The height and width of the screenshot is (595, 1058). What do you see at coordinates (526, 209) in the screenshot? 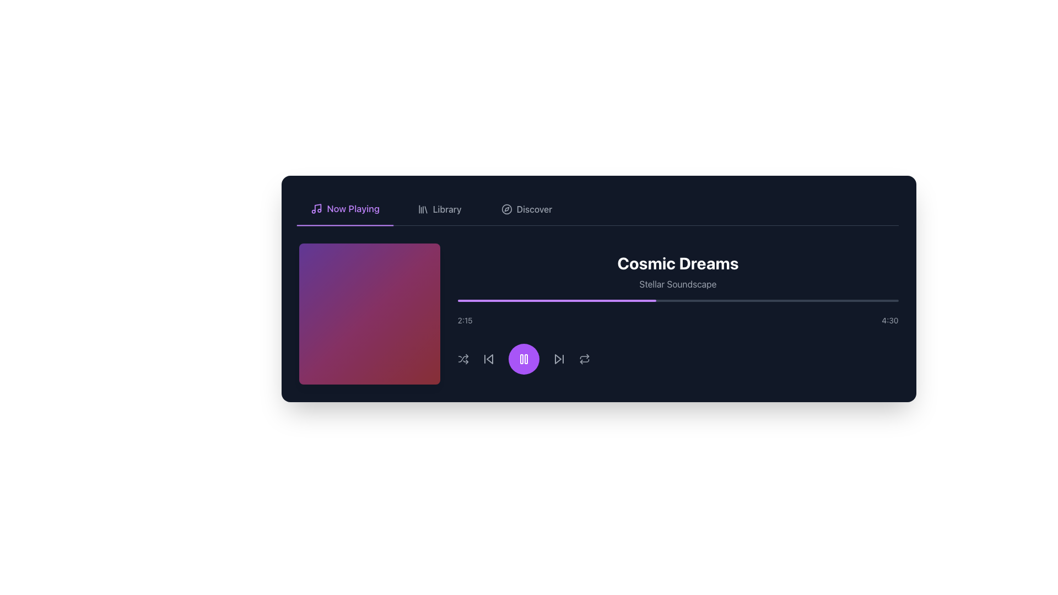
I see `the navigation button located as the third item from the left in the horizontal navigation bar` at bounding box center [526, 209].